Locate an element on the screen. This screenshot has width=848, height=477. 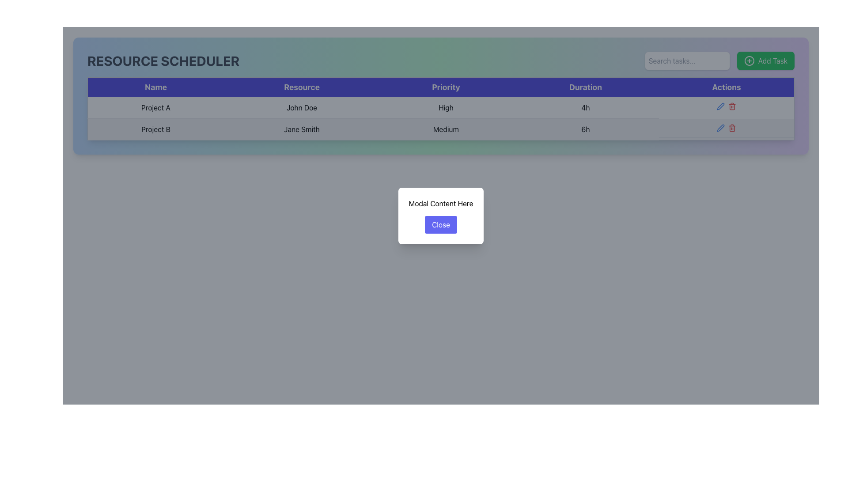
the delete button in the 'Actions' column of the 'Resource Scheduler' table is located at coordinates (732, 128).